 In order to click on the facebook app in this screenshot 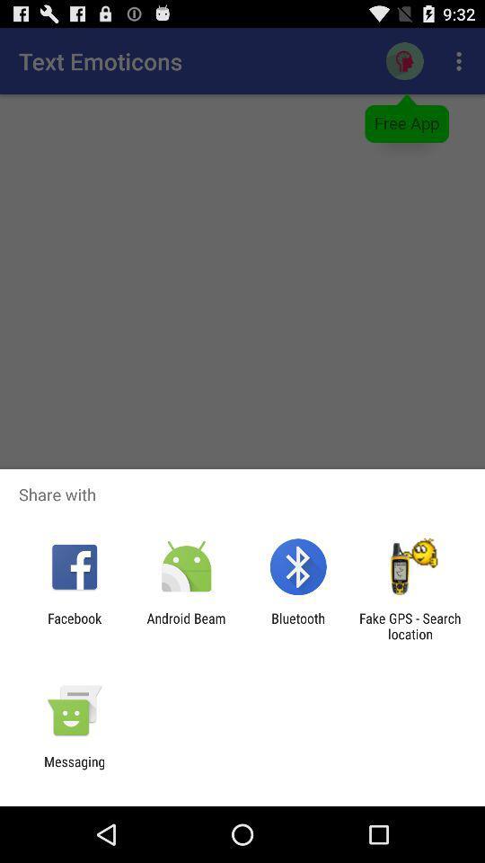, I will do `click(74, 626)`.